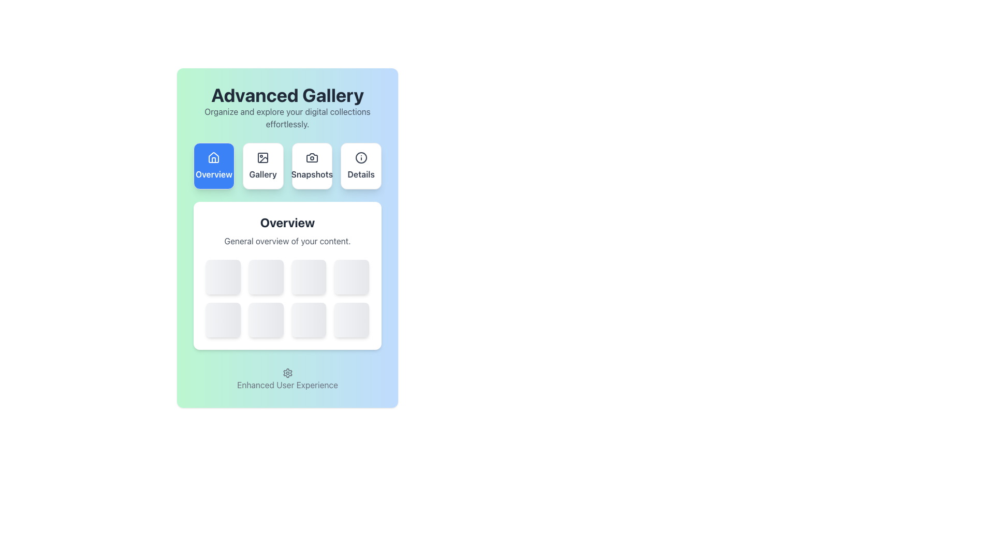 This screenshot has height=559, width=994. Describe the element at coordinates (311, 157) in the screenshot. I see `the 'Snapshots' button icon located in the third position of the horizontal navigation bar below the 'Advanced Gallery' title` at that location.